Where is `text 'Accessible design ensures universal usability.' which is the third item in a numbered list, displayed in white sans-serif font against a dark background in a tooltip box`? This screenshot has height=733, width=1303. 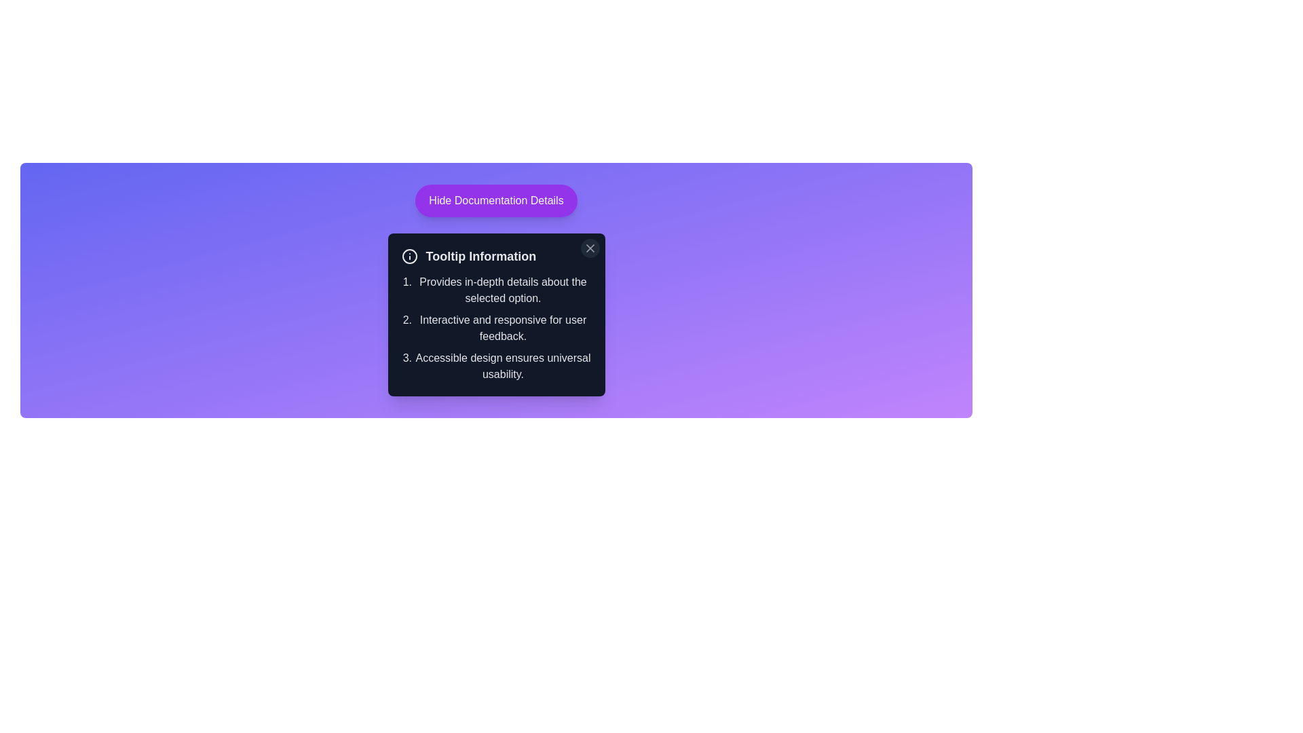 text 'Accessible design ensures universal usability.' which is the third item in a numbered list, displayed in white sans-serif font against a dark background in a tooltip box is located at coordinates (502, 366).